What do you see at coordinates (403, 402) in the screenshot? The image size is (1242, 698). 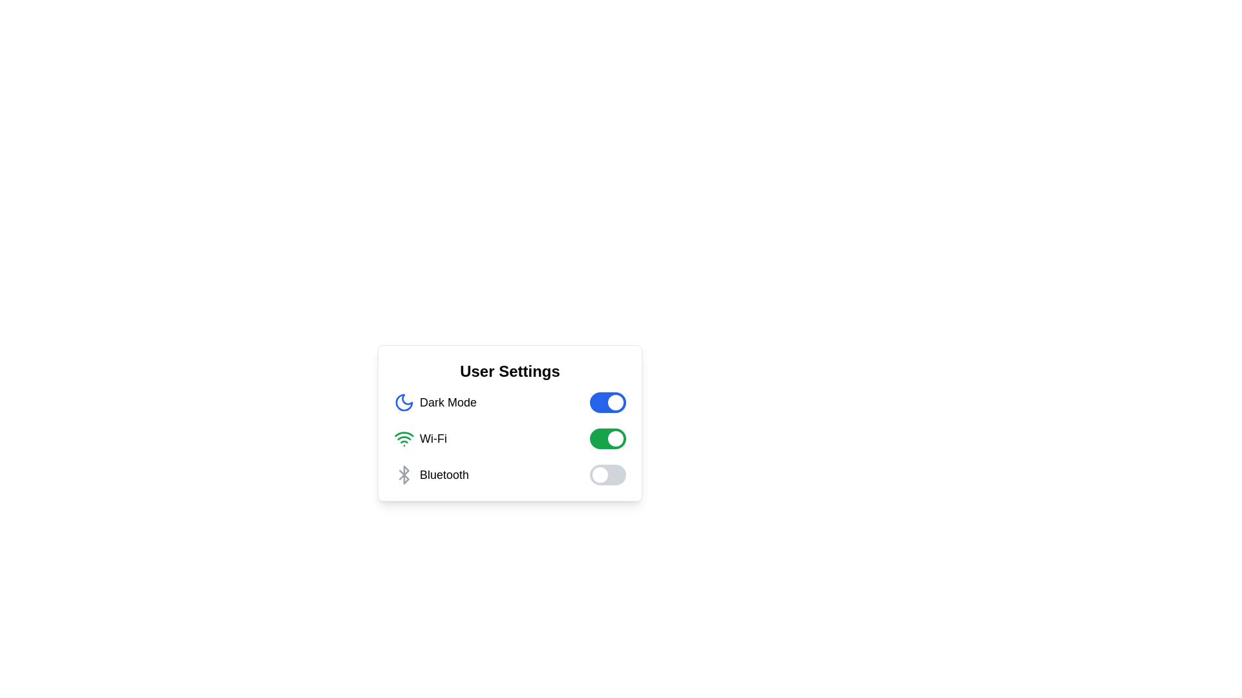 I see `the crescent moon icon in blue color that represents the 'Dark Mode' option, located in the 'User Settings' section, above the 'Wi-Fi' and 'Bluetooth' options` at bounding box center [403, 402].